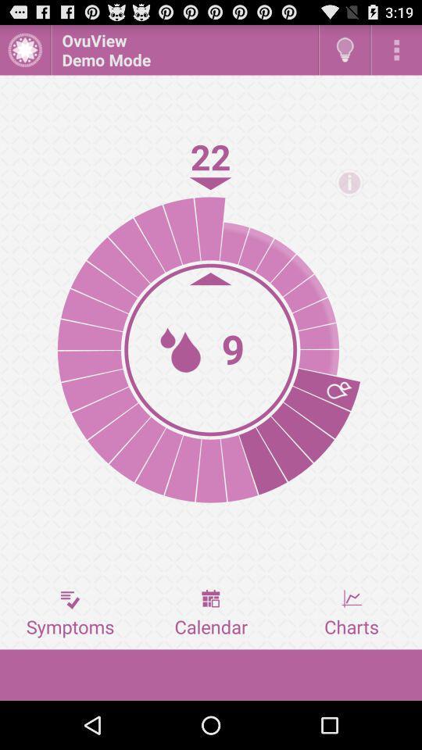 The image size is (422, 750). I want to click on the item next to calendar, so click(70, 613).